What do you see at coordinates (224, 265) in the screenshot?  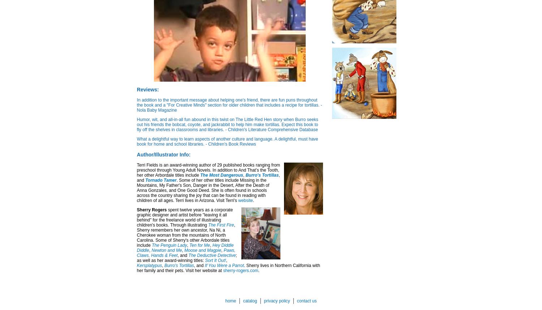 I see `'If You Were a Parrot'` at bounding box center [224, 265].